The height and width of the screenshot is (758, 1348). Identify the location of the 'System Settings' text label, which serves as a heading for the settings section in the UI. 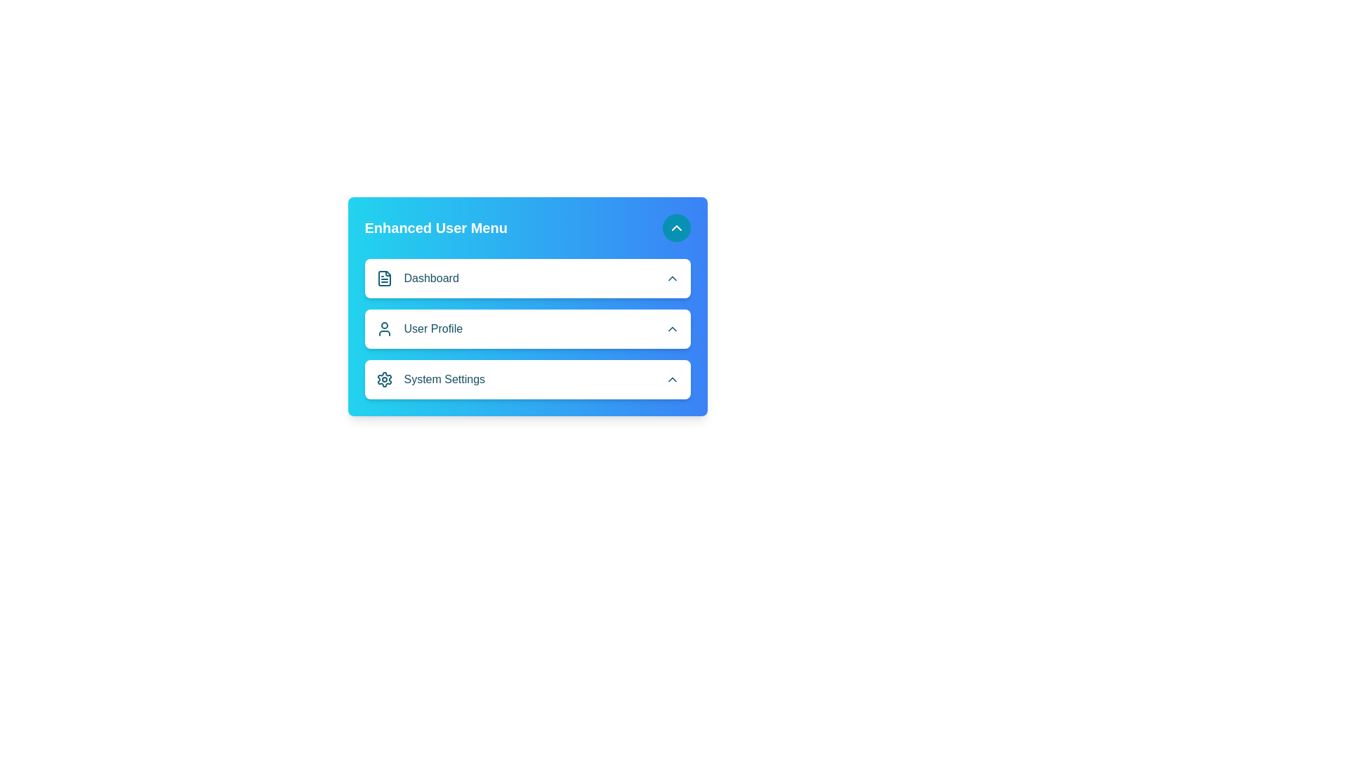
(444, 379).